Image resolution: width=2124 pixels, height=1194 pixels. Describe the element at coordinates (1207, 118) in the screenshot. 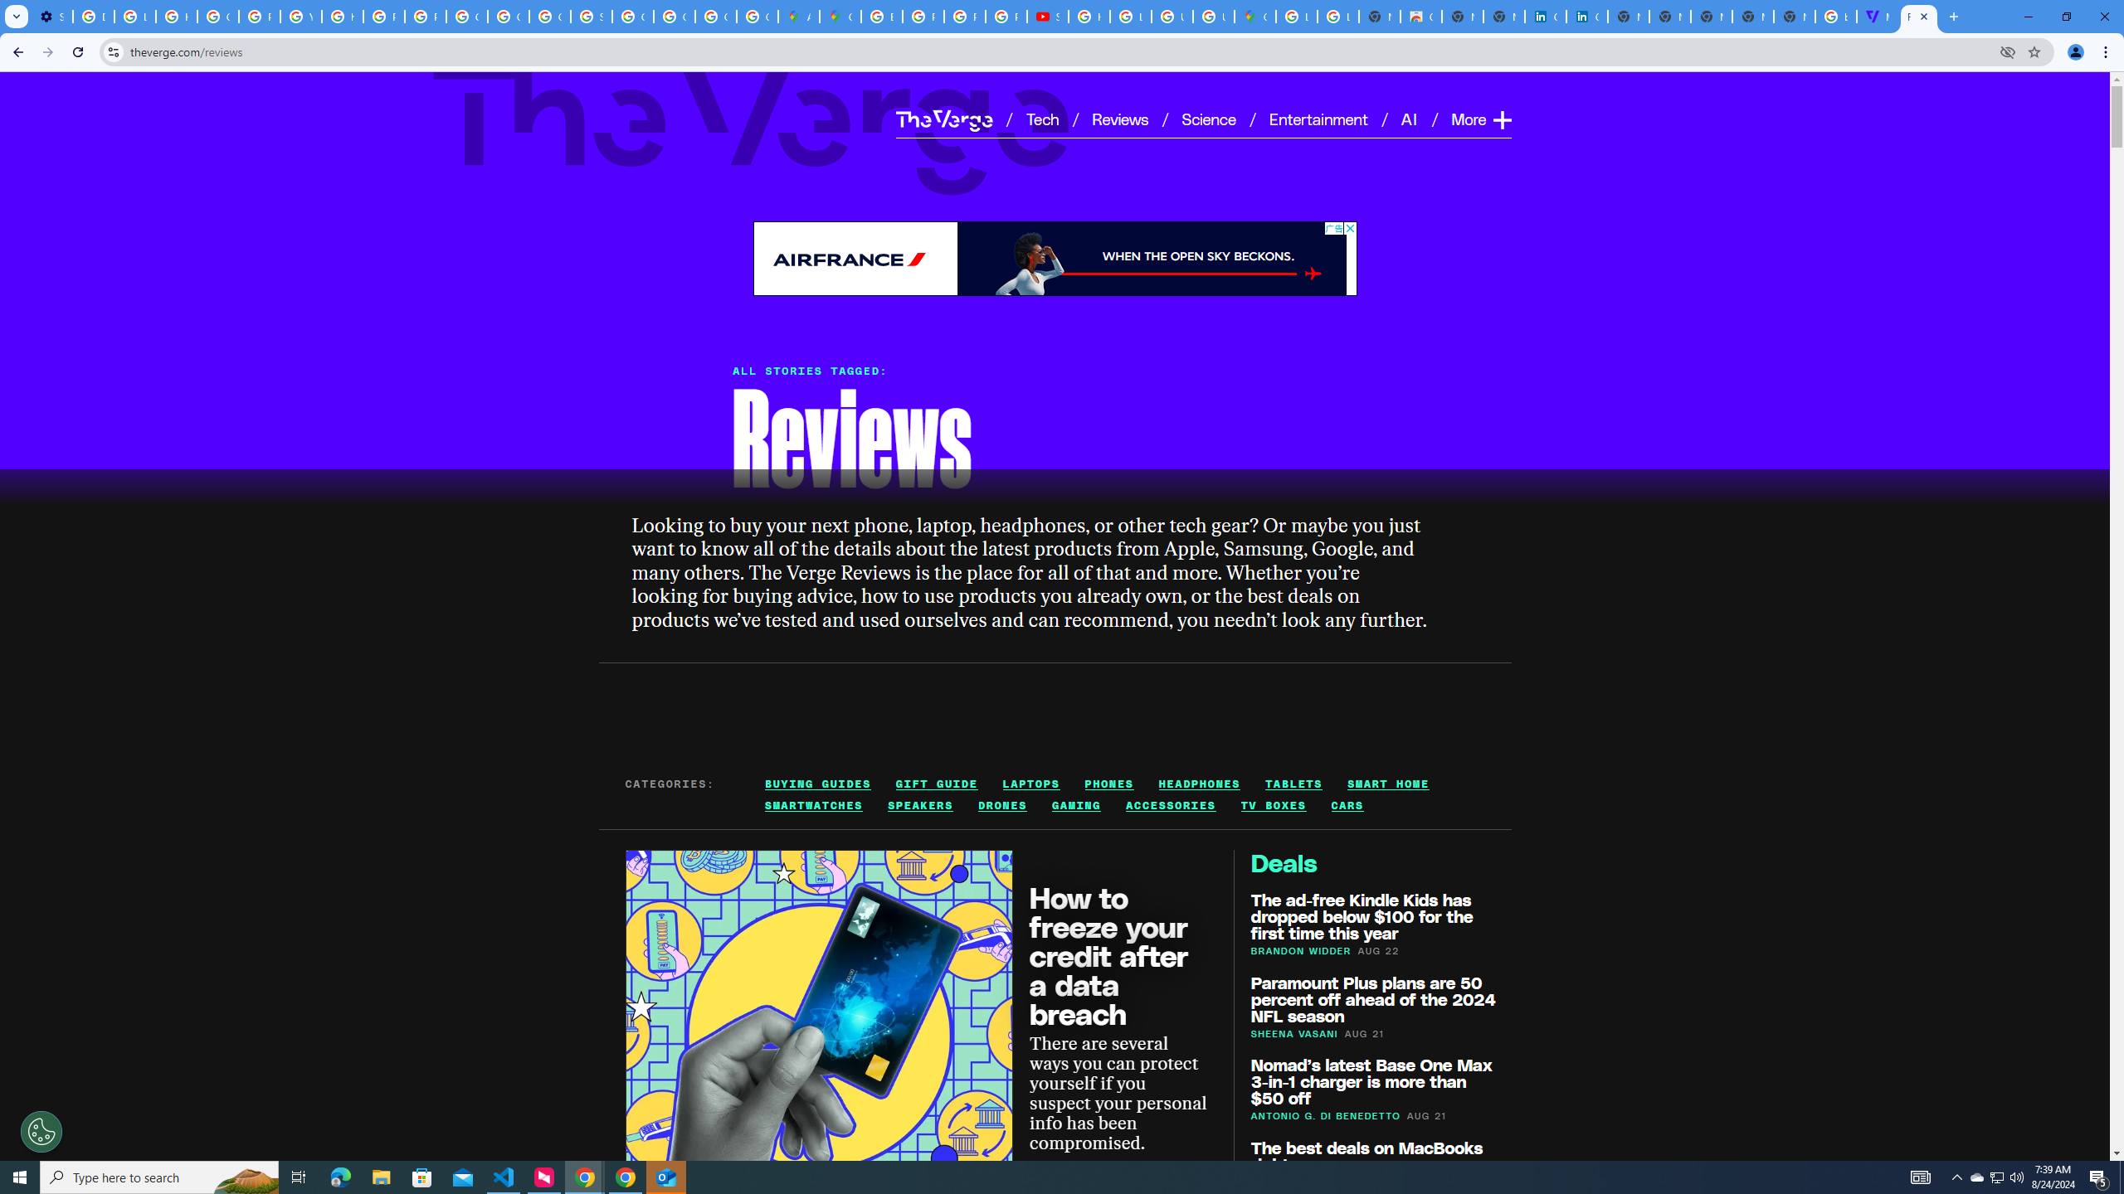

I see `'Science'` at that location.